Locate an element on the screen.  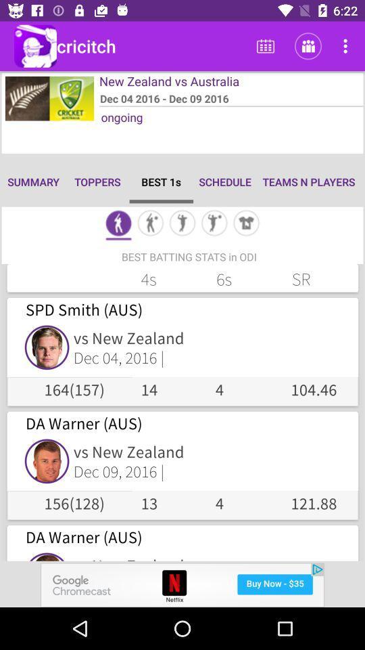
mode select is located at coordinates (118, 224).